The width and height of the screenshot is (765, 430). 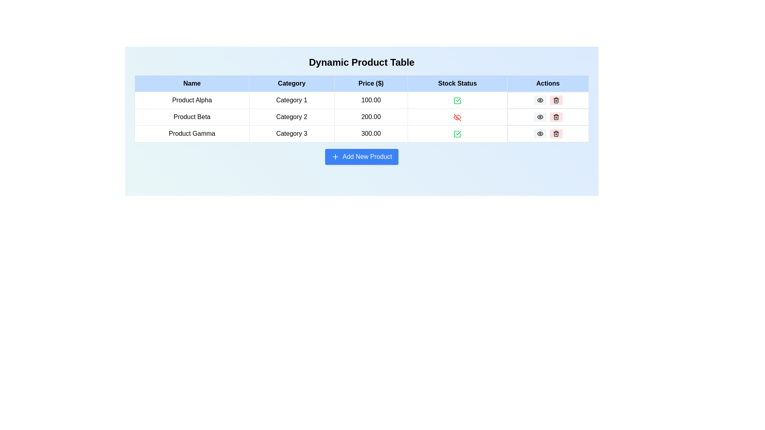 I want to click on the out-of-stock icon located in the second row of the 'Stock Status' column in the 'Dynamic Product Table', so click(x=457, y=117).